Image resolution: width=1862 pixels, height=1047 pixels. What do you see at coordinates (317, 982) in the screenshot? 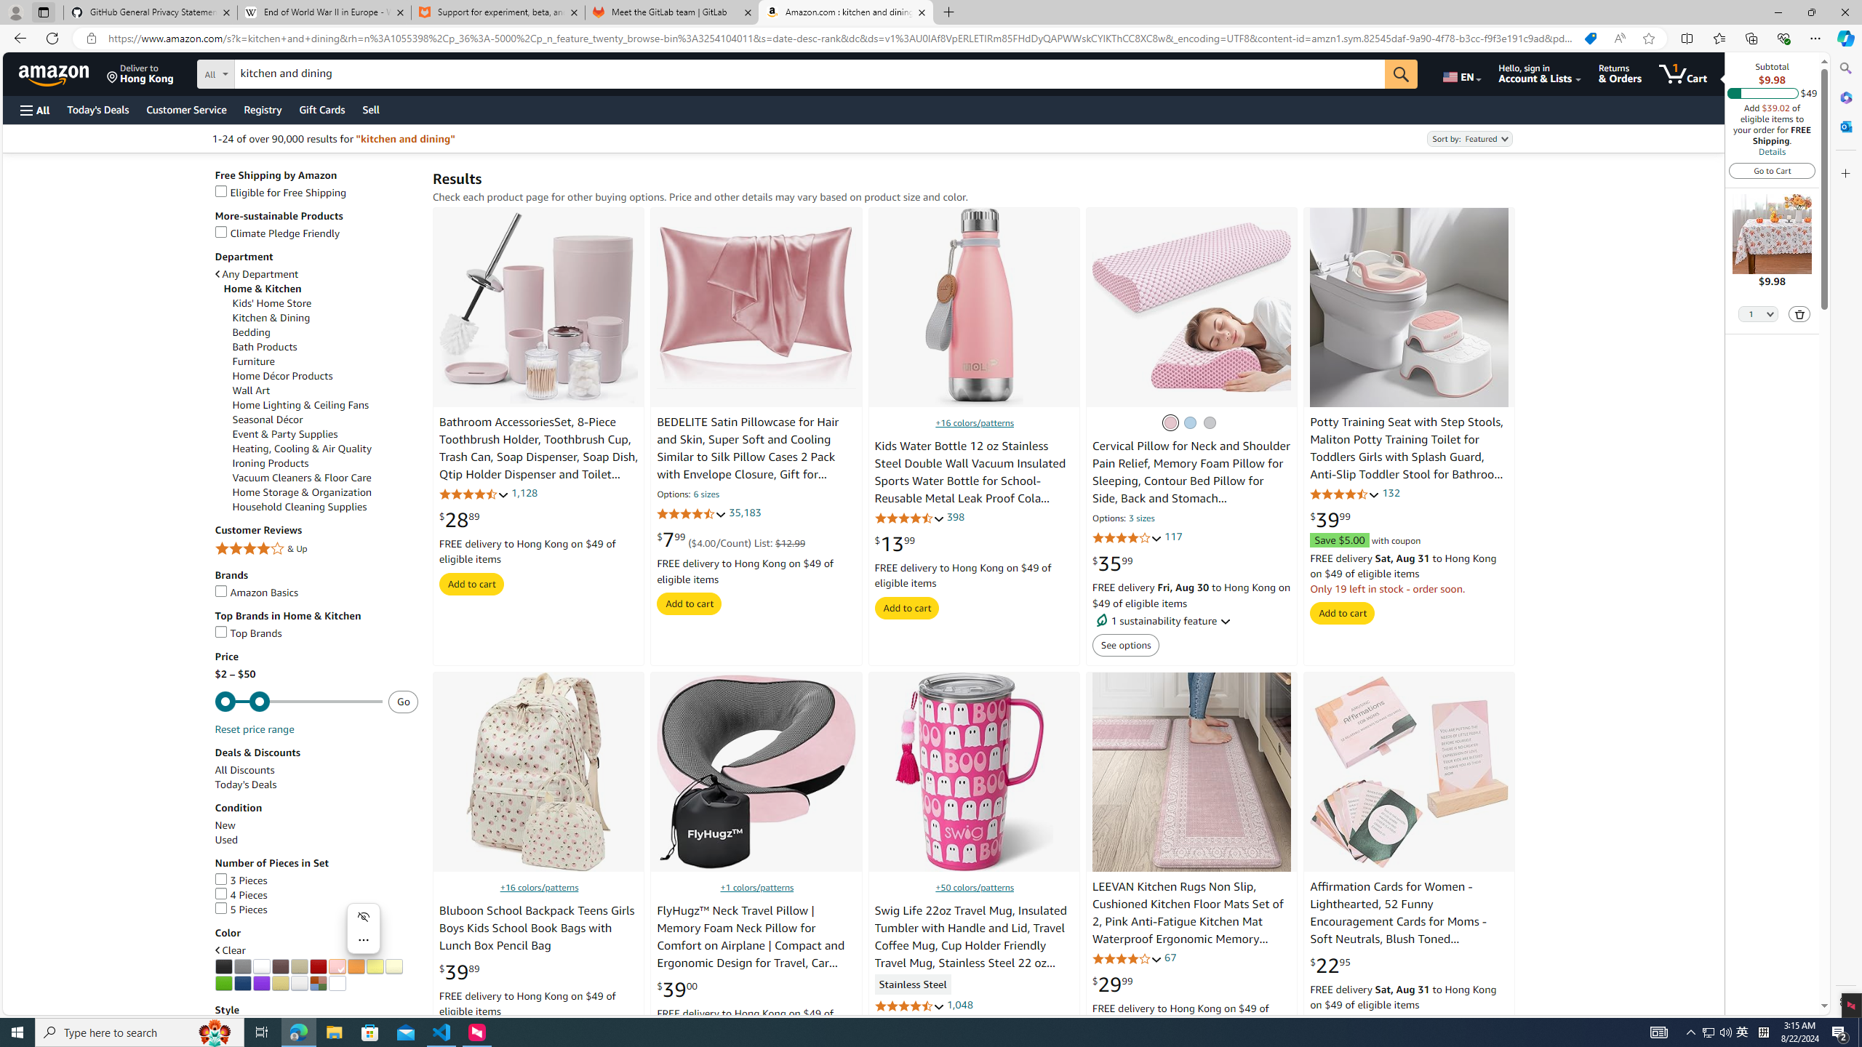
I see `'Multi'` at bounding box center [317, 982].